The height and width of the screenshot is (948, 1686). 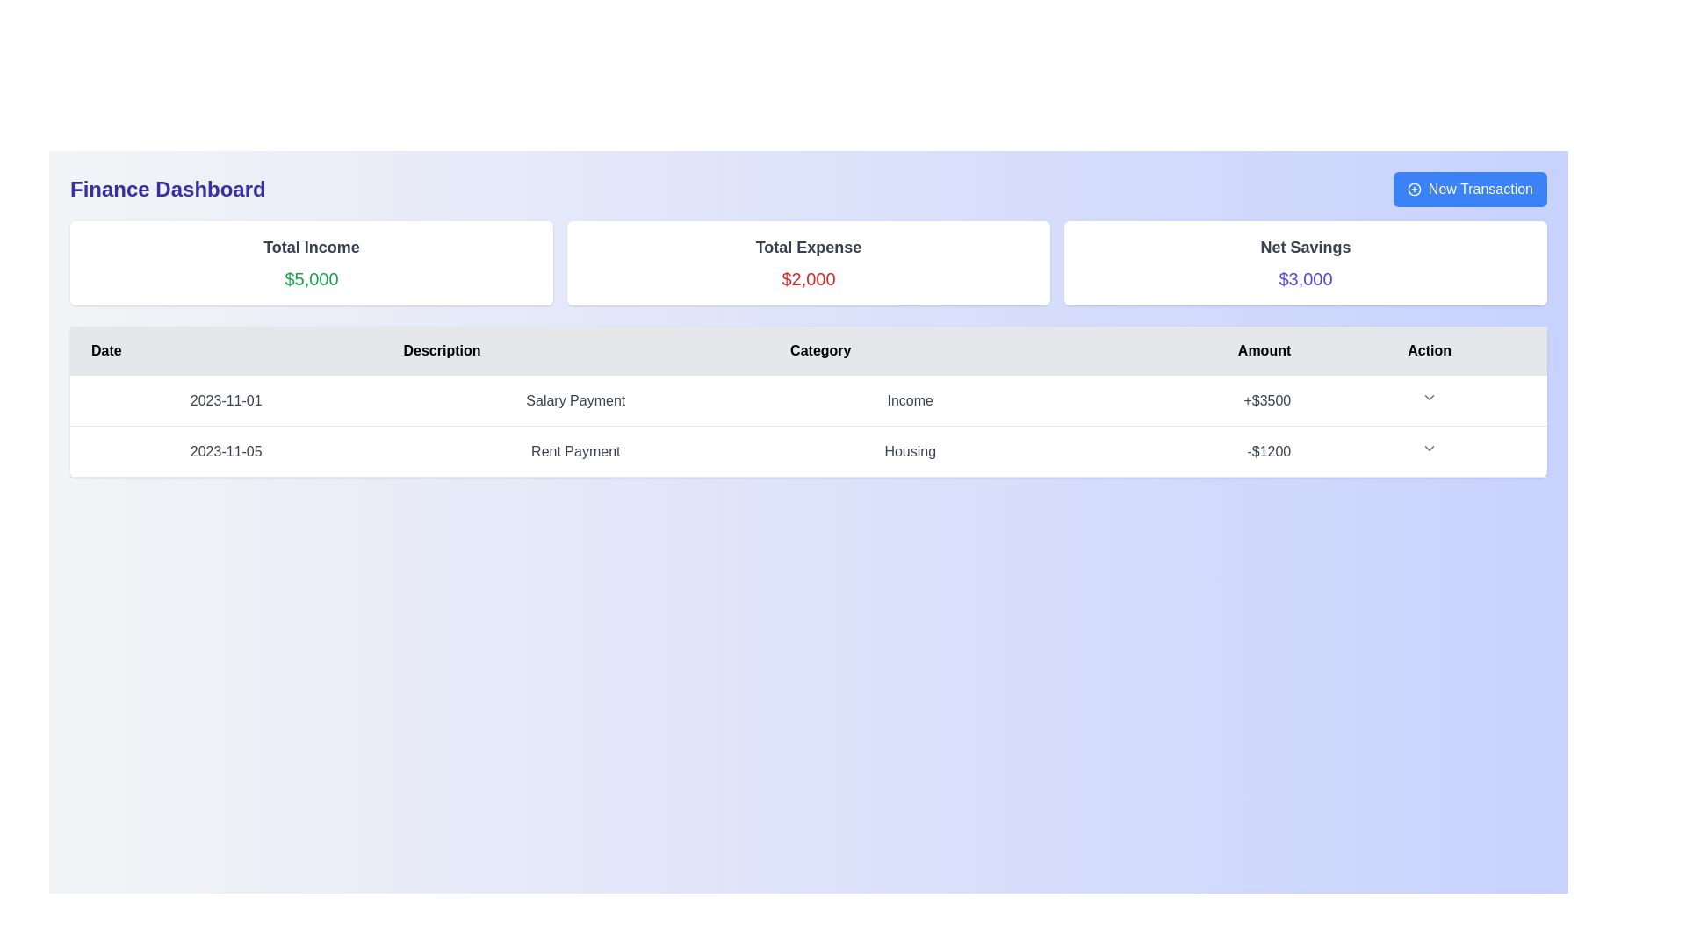 I want to click on the 'Salary Payment' text label in the first row of the main data table, which describes the financial transaction, so click(x=575, y=400).